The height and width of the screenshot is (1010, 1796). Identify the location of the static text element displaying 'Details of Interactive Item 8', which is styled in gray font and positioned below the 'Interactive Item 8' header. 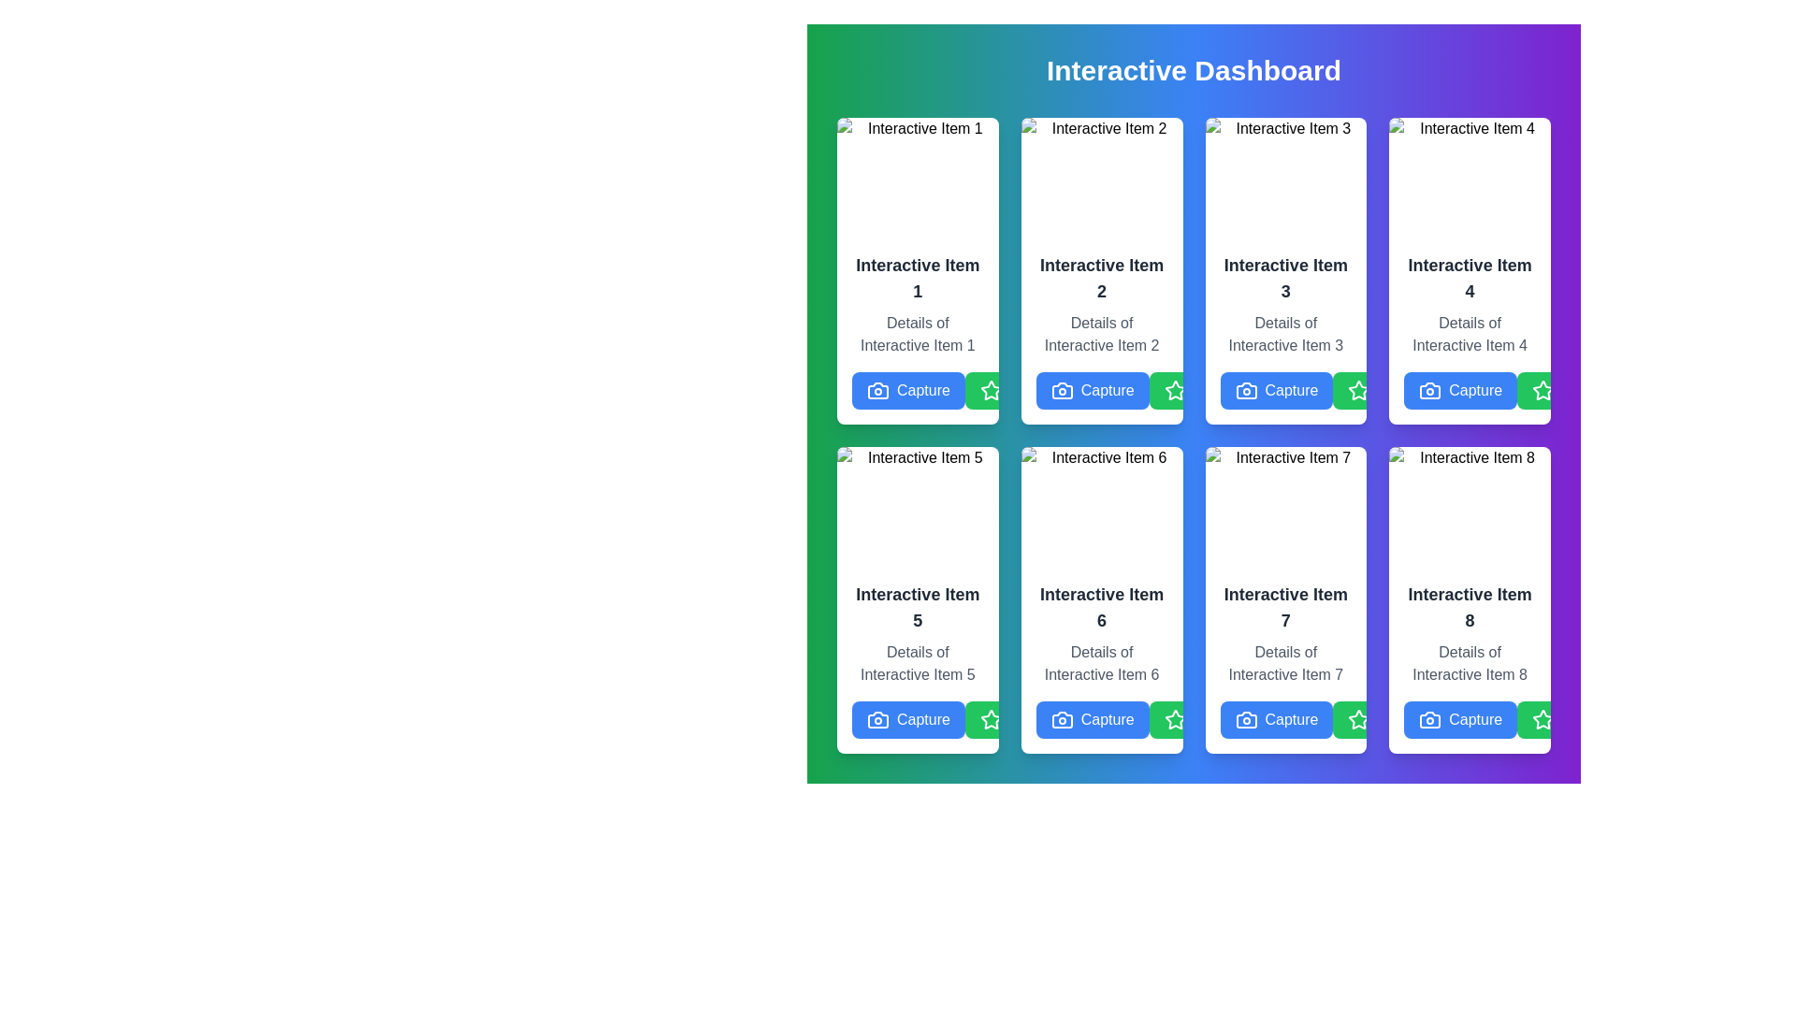
(1469, 662).